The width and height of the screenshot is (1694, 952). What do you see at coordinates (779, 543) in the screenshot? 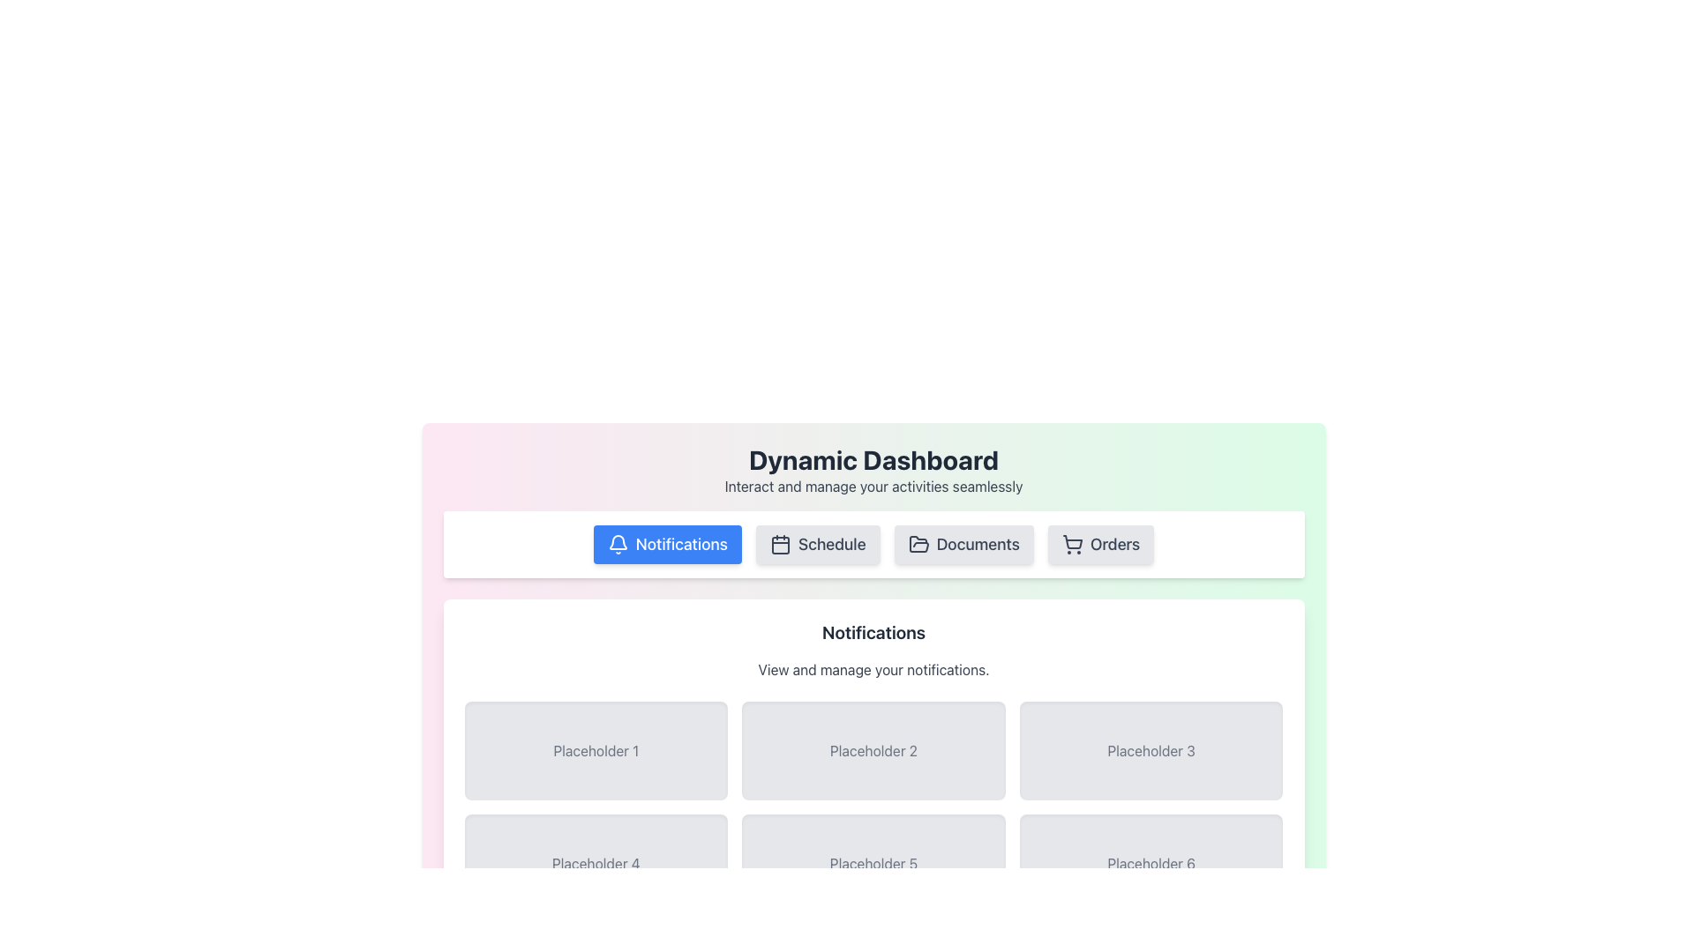
I see `the calendar icon located to the left of the 'Schedule' button in the navigation bar, which features a minimalistic design with a rounded square outline and two vertical bars at the top` at bounding box center [779, 543].